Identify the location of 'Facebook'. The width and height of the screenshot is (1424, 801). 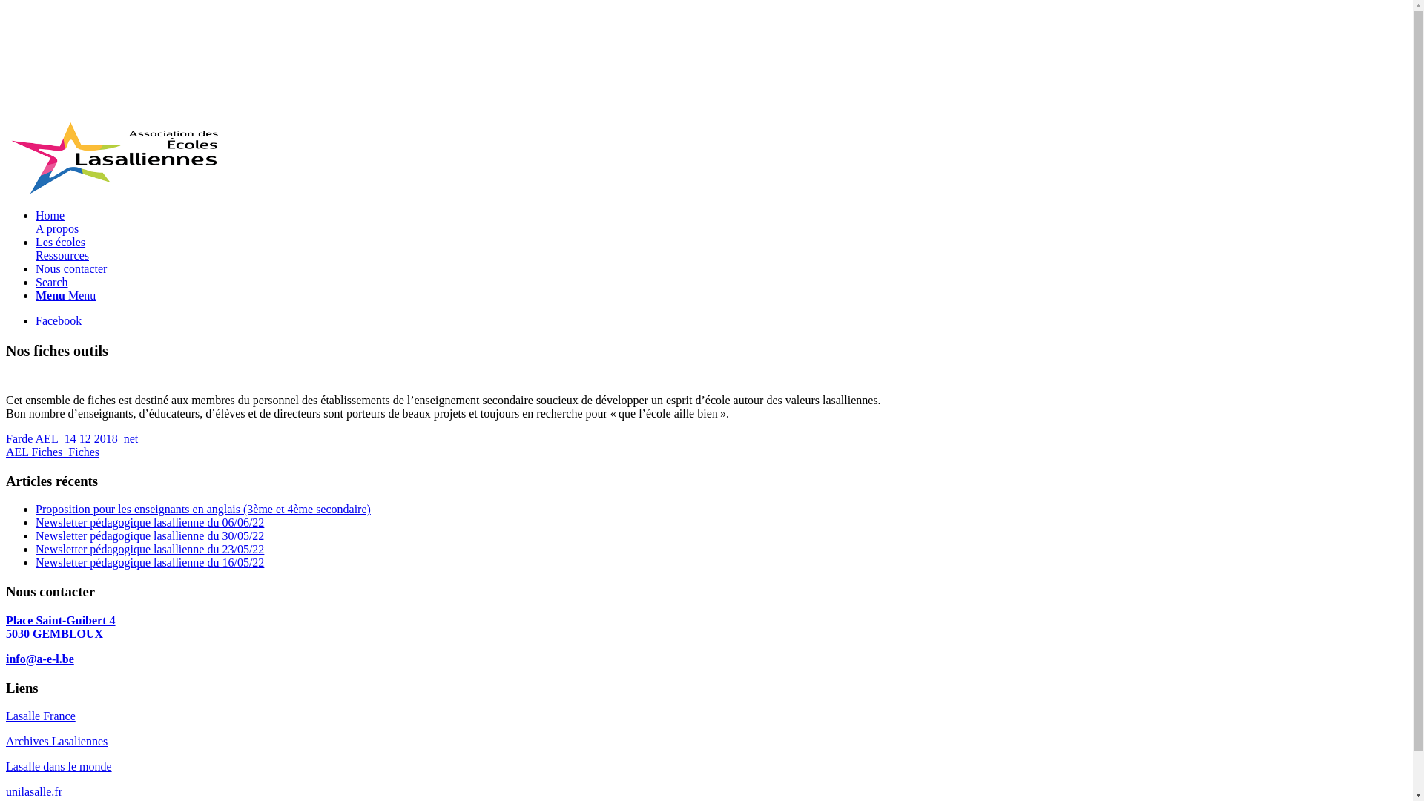
(58, 320).